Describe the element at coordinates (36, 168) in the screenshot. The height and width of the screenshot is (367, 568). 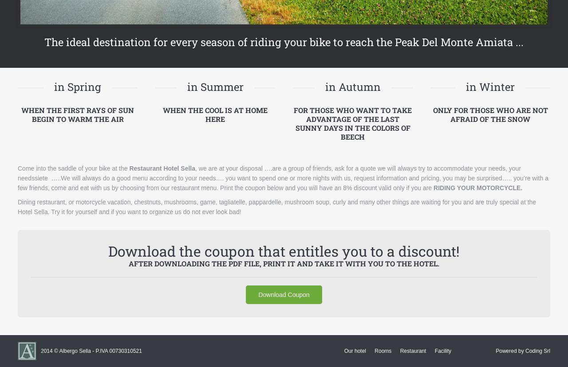
I see `'Come into the'` at that location.